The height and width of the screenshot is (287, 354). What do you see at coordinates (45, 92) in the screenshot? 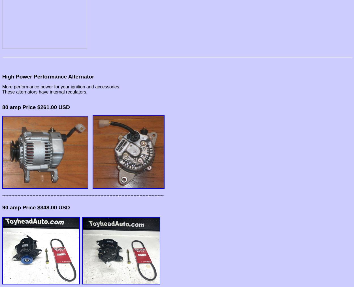
I see `'These alternators have internal regulators.'` at bounding box center [45, 92].